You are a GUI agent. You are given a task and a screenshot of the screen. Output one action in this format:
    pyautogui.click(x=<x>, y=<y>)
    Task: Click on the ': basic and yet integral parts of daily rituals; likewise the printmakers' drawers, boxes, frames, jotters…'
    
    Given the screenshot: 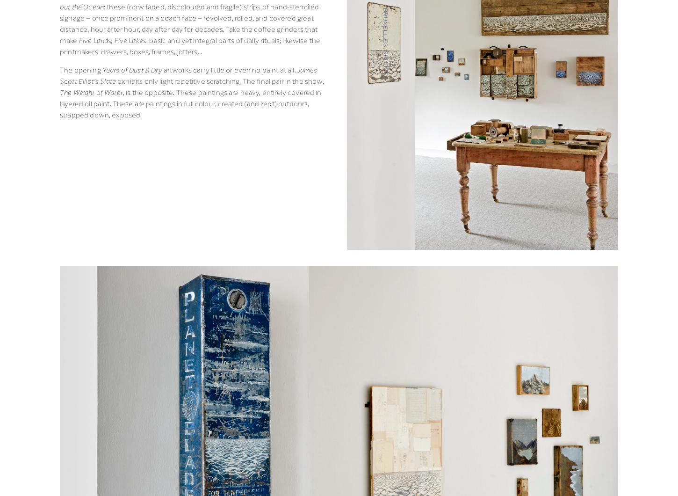 What is the action you would take?
    pyautogui.click(x=190, y=45)
    